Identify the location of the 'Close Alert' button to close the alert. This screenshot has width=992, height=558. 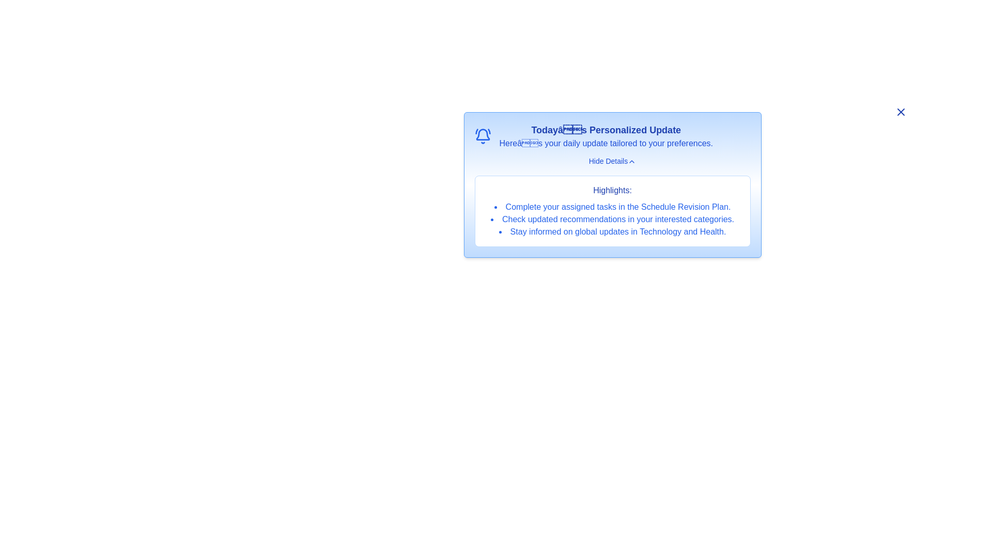
(900, 112).